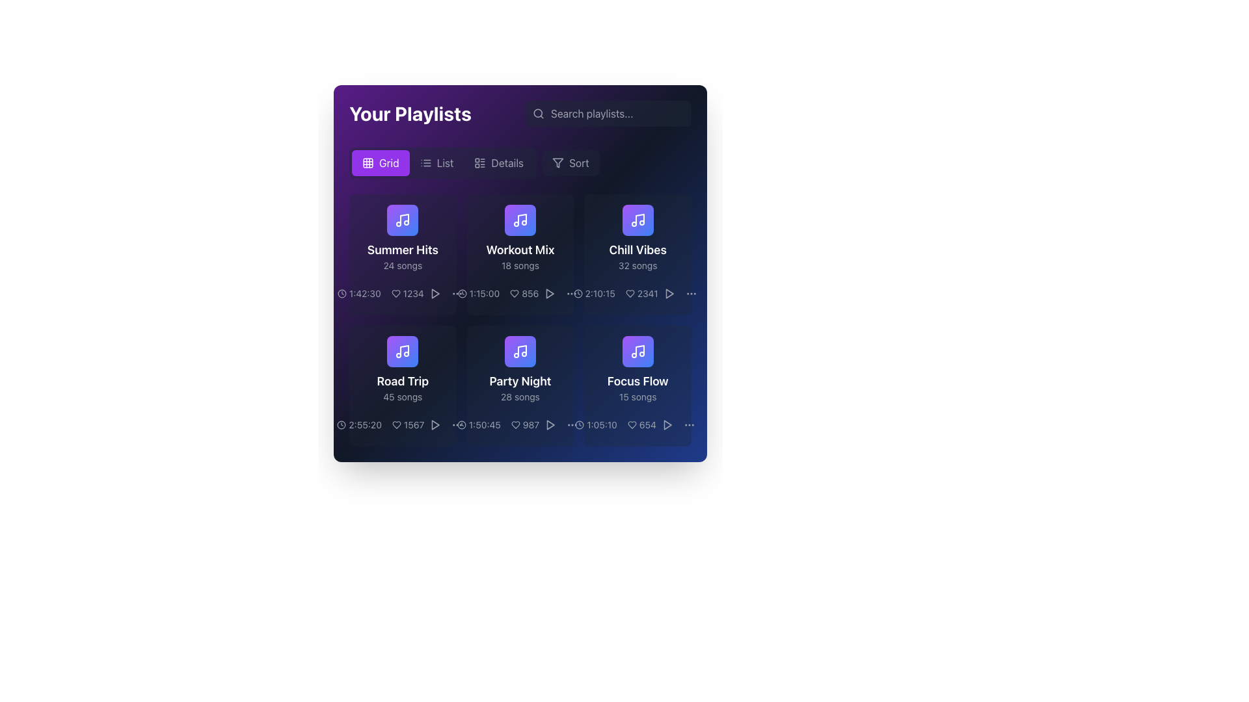  What do you see at coordinates (342, 293) in the screenshot?
I see `the circular icon within the SVG component located in the first entry of the playlist titled 'Summer Hits', positioned adjacent to the duration text '1:42:30'` at bounding box center [342, 293].